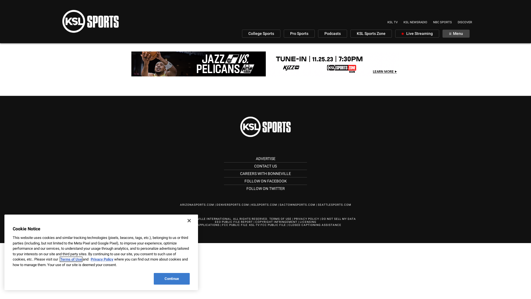 The height and width of the screenshot is (299, 531). What do you see at coordinates (233, 221) in the screenshot?
I see `'EEO PUBLIC FILE REPORT'` at bounding box center [233, 221].